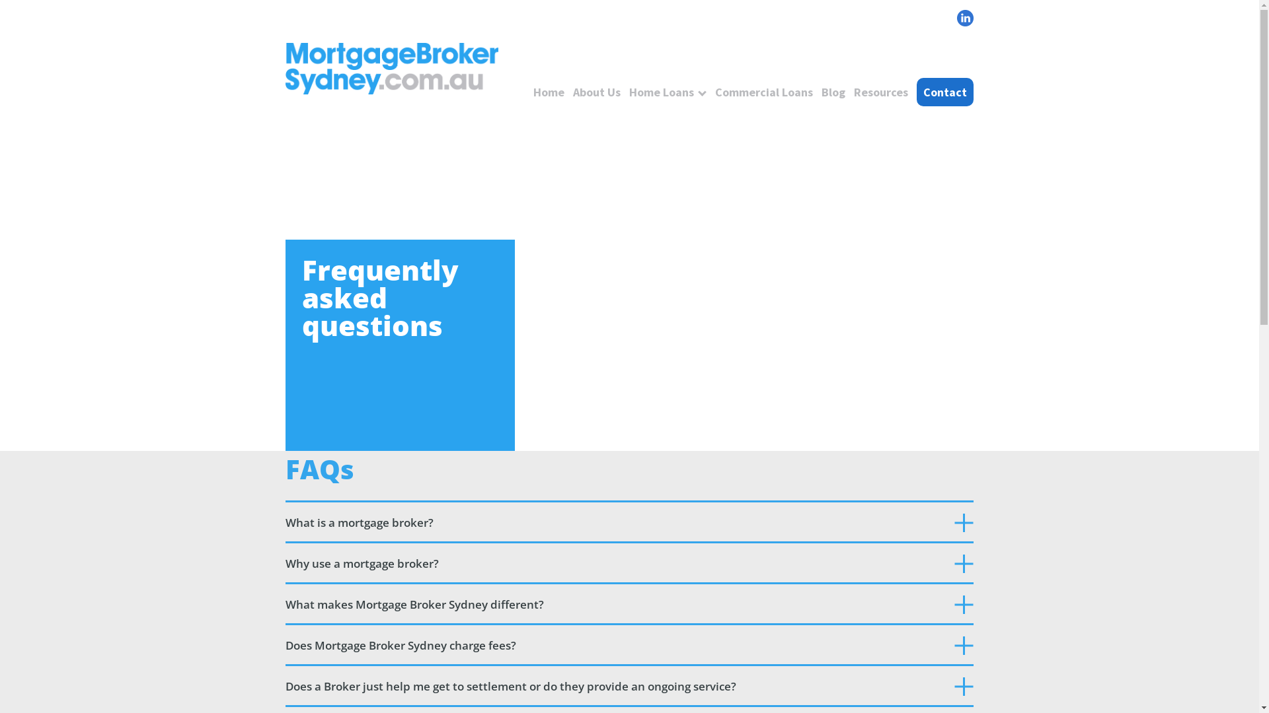 The image size is (1269, 713). Describe the element at coordinates (764, 91) in the screenshot. I see `'Commercial Loans'` at that location.